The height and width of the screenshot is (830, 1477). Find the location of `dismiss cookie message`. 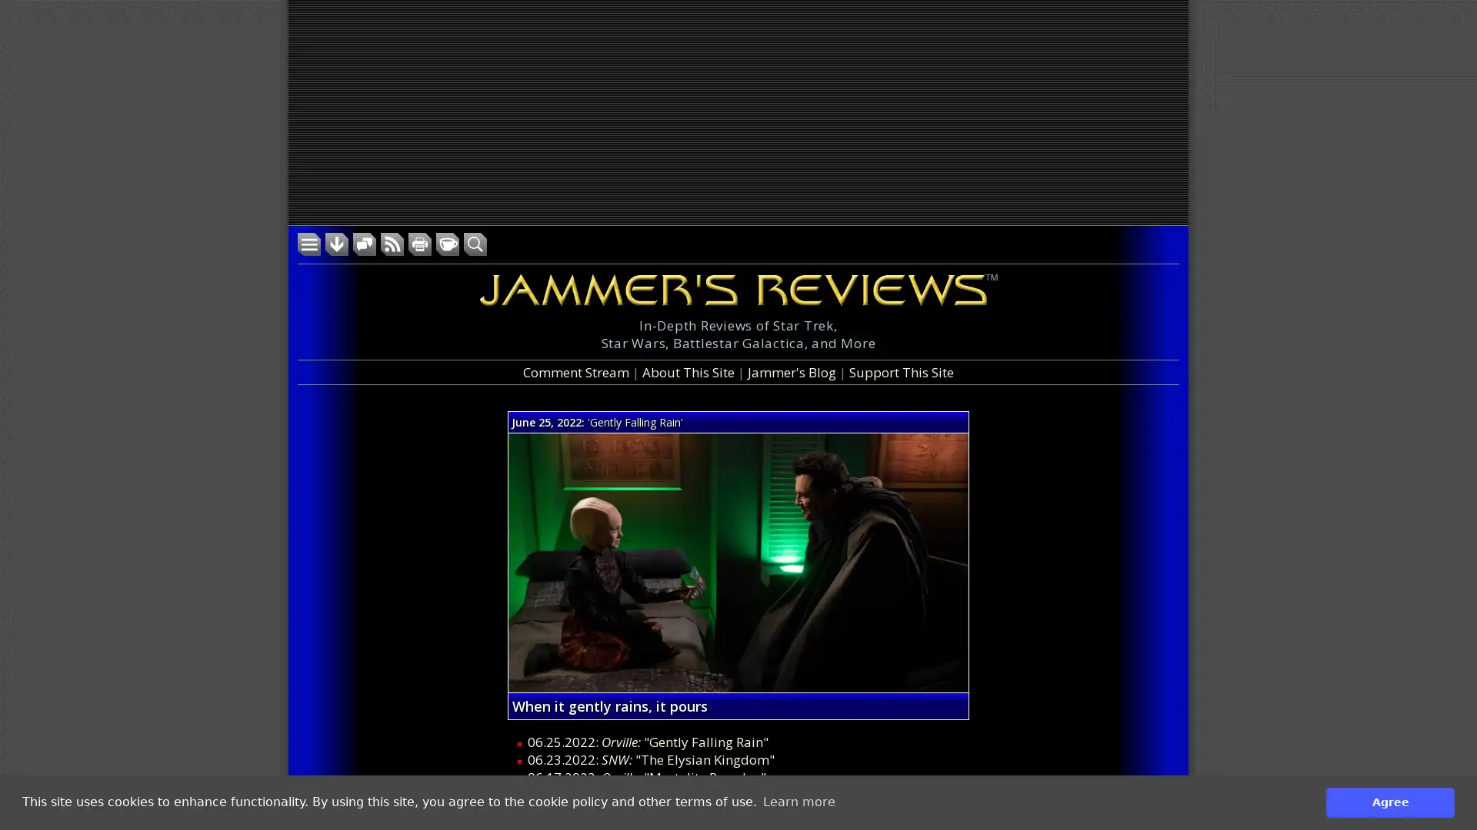

dismiss cookie message is located at coordinates (1390, 802).